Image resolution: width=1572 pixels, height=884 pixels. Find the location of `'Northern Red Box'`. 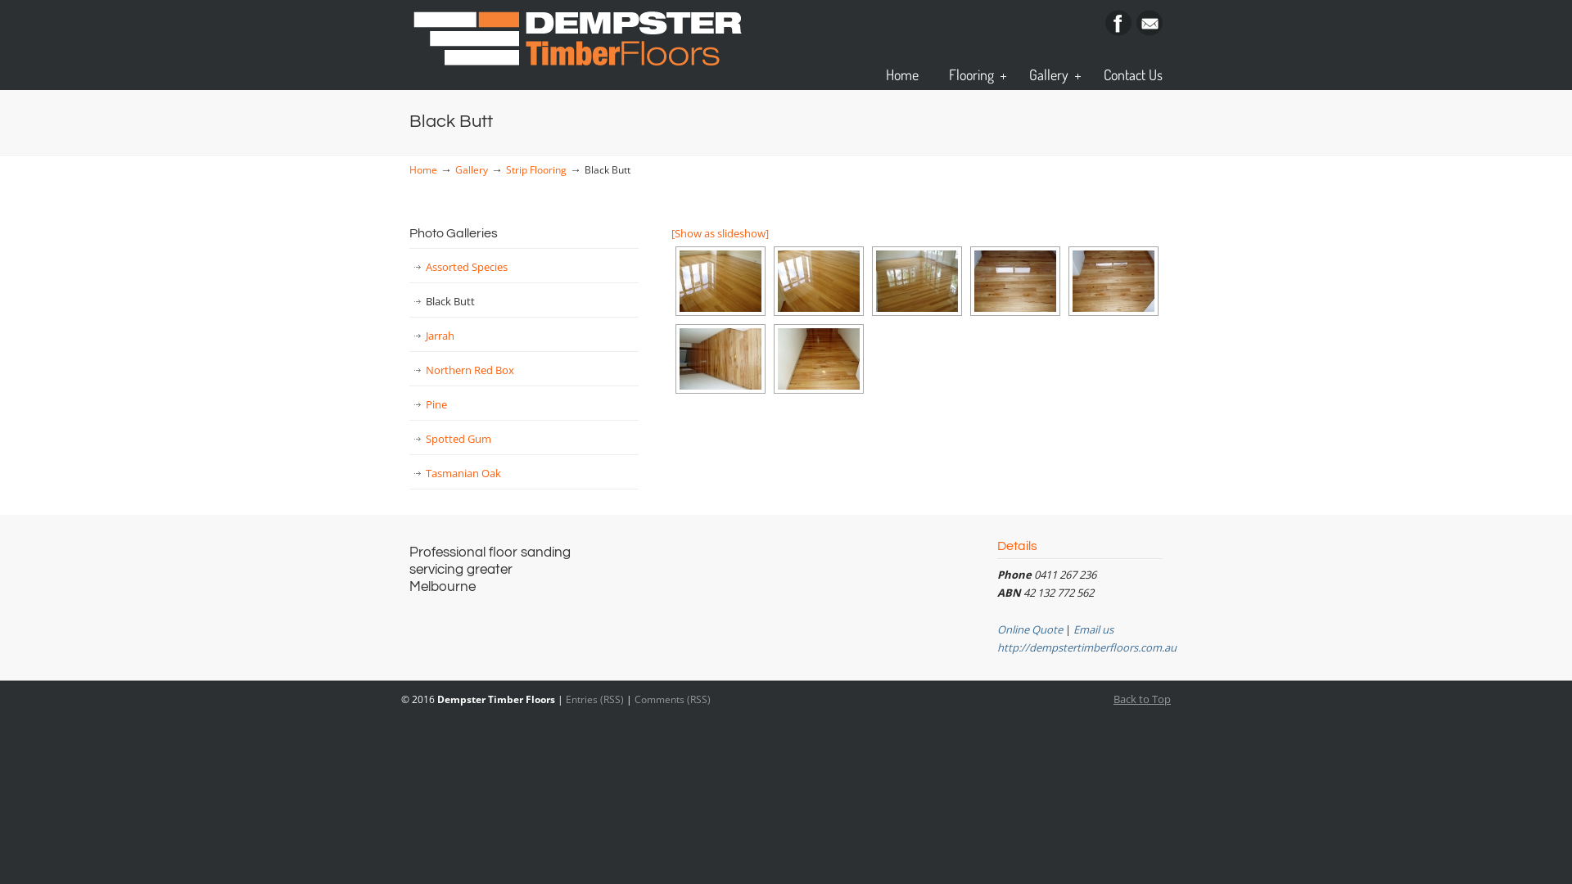

'Northern Red Box' is located at coordinates (522, 369).